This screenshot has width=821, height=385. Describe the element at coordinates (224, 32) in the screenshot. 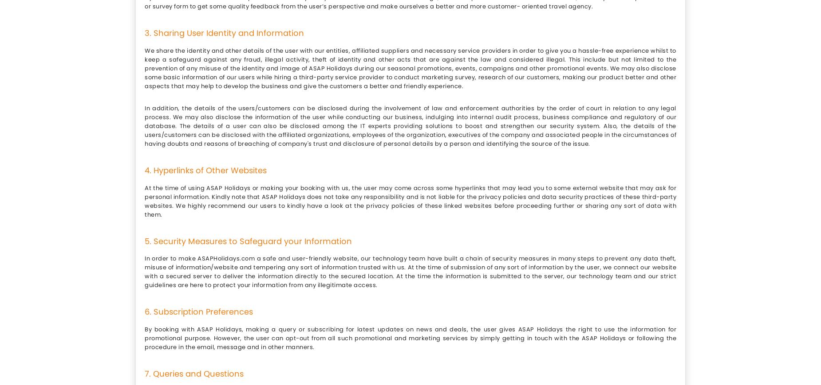

I see `'3. Sharing User Identity and Information'` at that location.